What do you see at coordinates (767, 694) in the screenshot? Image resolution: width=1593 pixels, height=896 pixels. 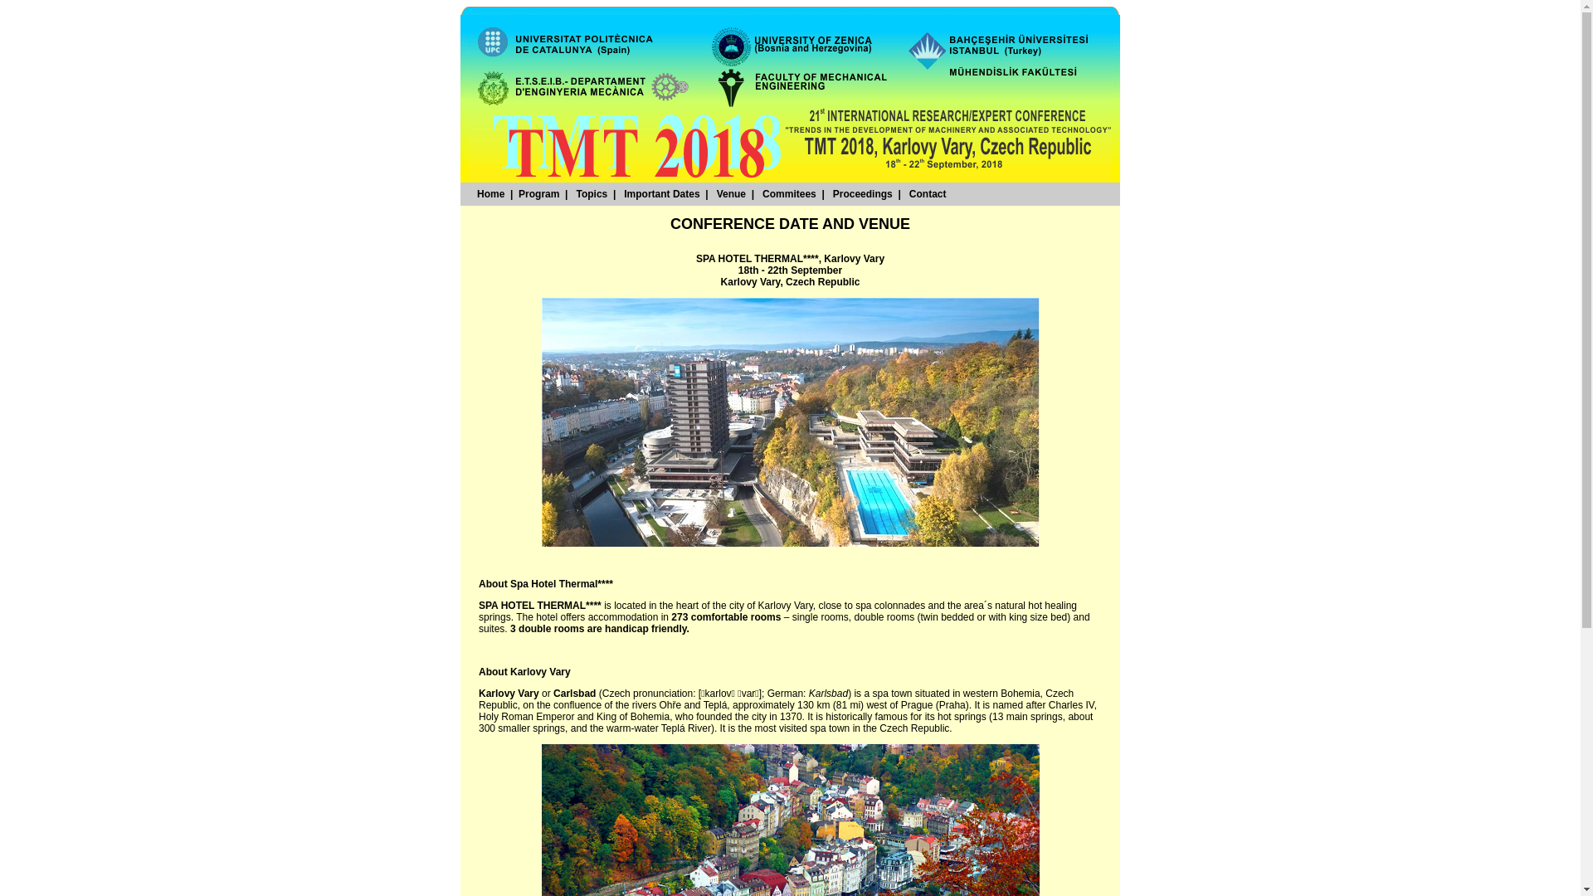 I see `'German'` at bounding box center [767, 694].